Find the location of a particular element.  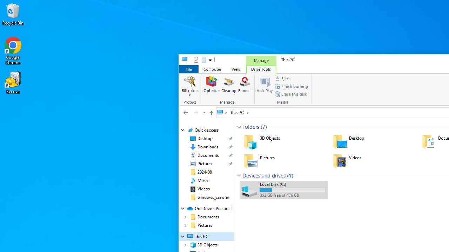

'Optimize' is located at coordinates (211, 86).